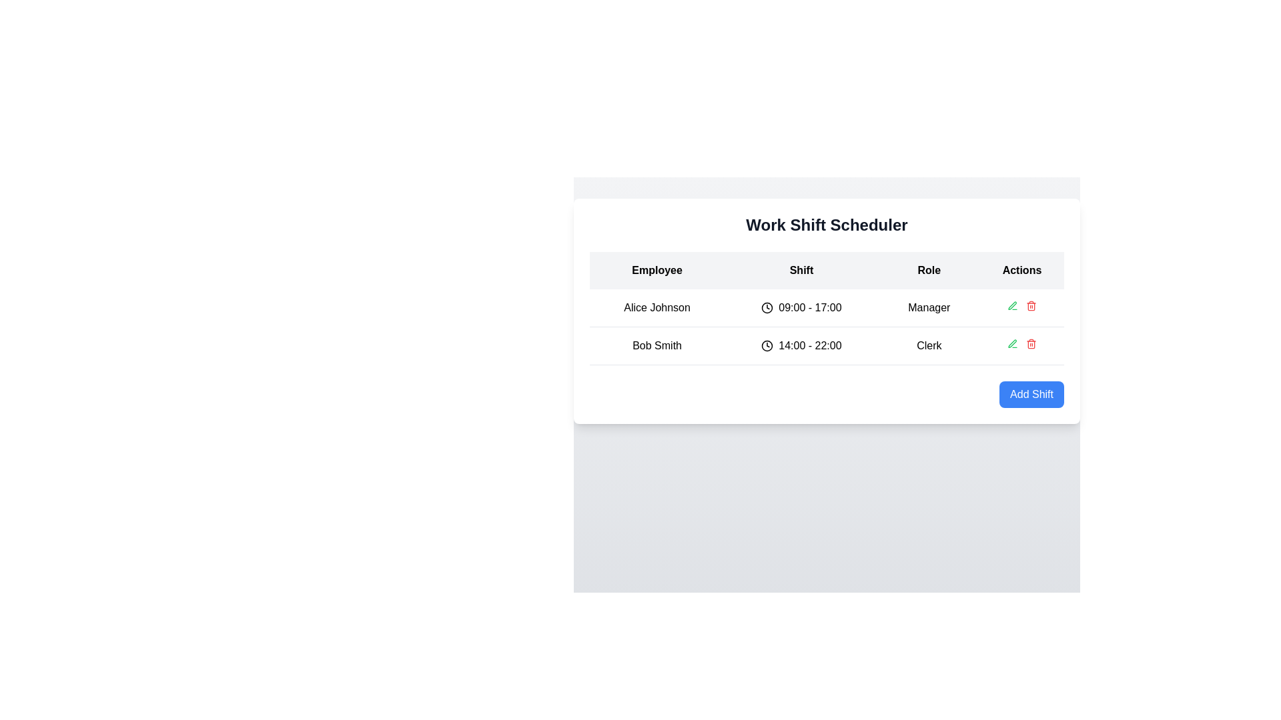  What do you see at coordinates (1012, 343) in the screenshot?
I see `the edit icon button in the Actions column for Alice Johnson's work shift entry` at bounding box center [1012, 343].